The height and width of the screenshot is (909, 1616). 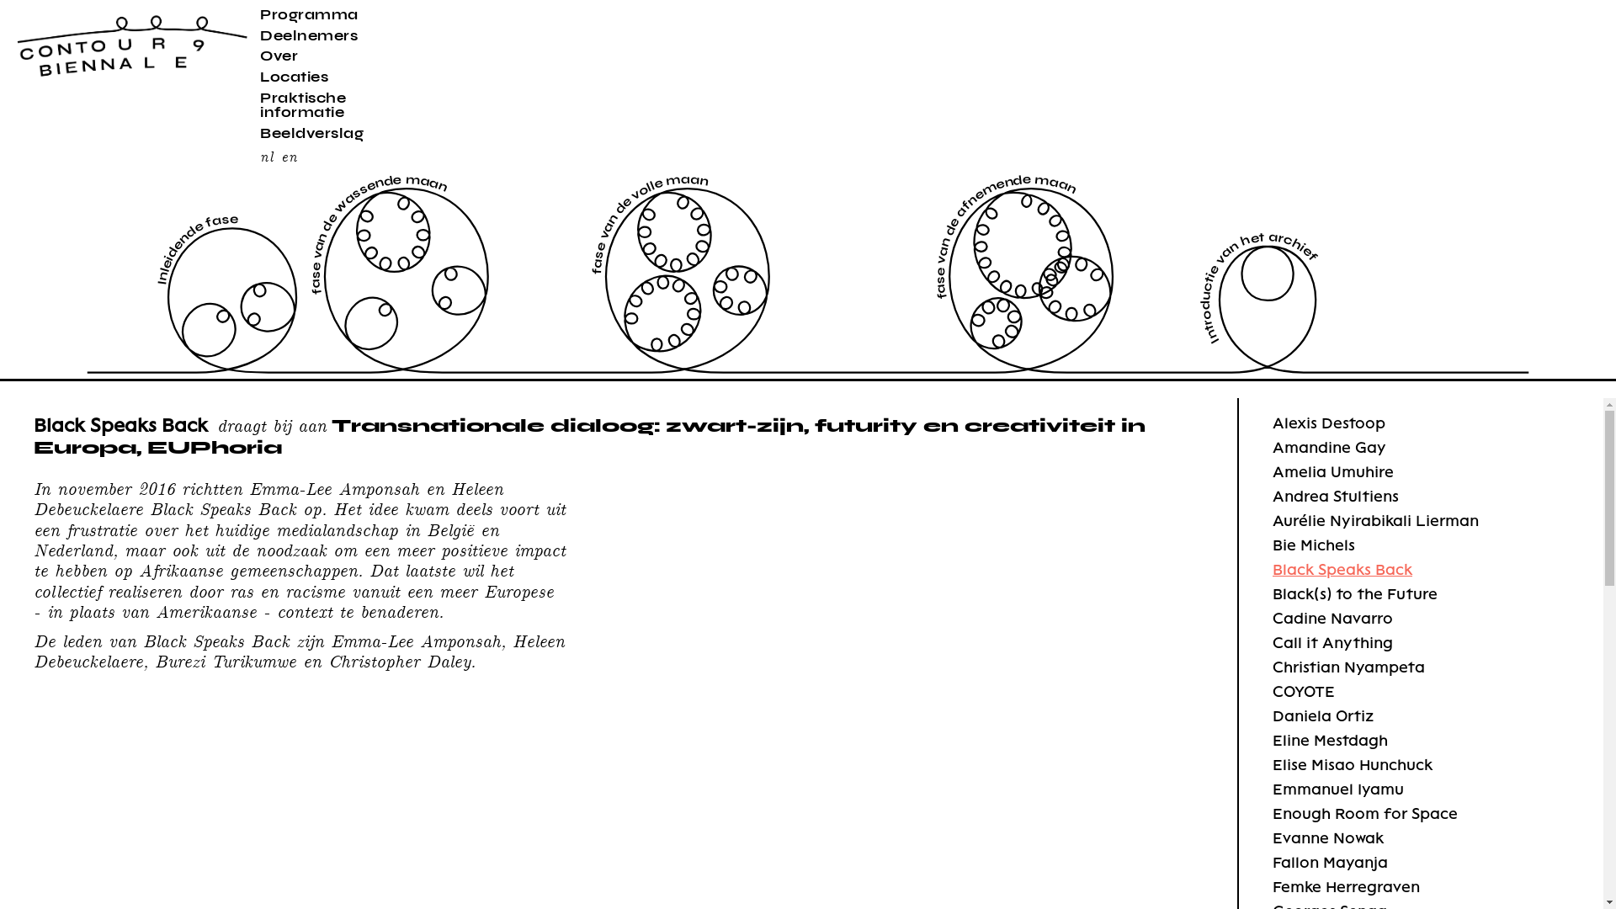 I want to click on 'Eline Mestdagh', so click(x=1329, y=739).